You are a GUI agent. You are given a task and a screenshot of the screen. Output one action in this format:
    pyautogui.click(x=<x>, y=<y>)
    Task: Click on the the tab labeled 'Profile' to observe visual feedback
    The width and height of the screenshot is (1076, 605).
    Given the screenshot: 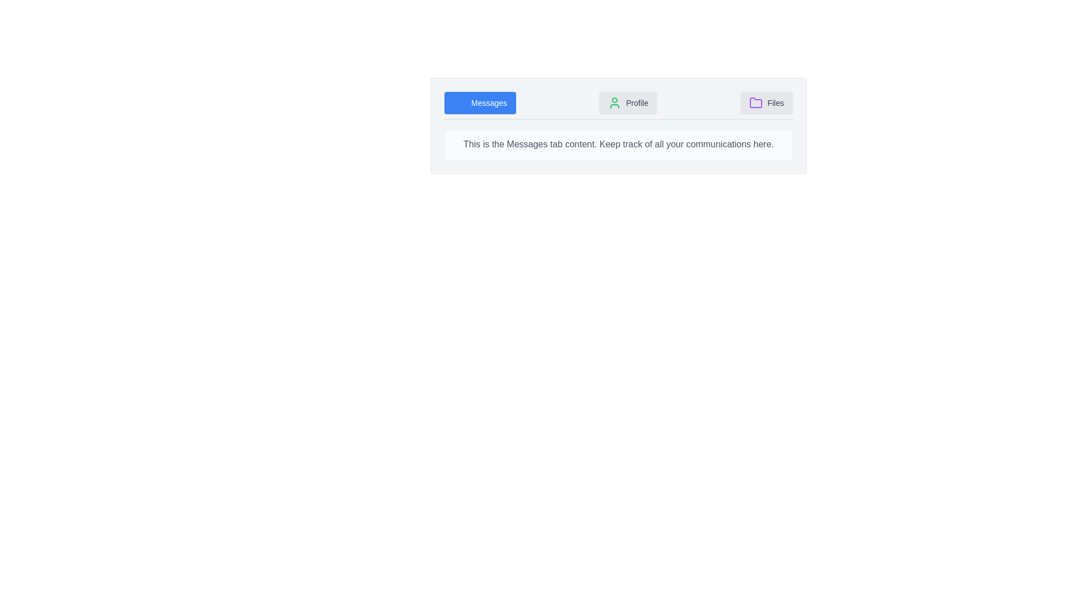 What is the action you would take?
    pyautogui.click(x=628, y=103)
    